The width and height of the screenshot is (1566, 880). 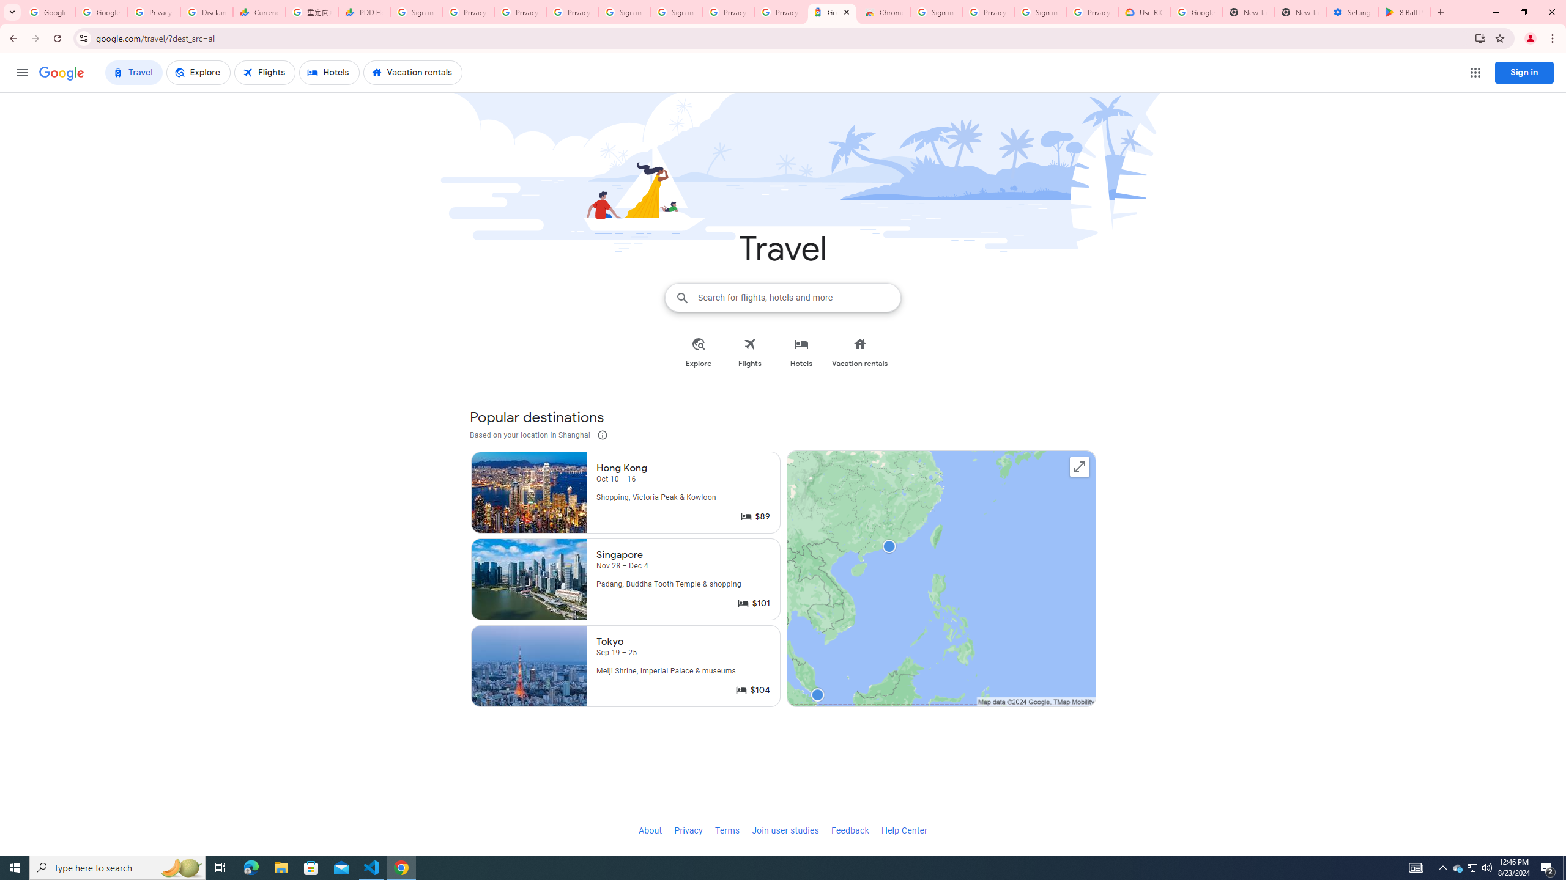 What do you see at coordinates (1404, 12) in the screenshot?
I see `'8 Ball Pool - Apps on Google Play'` at bounding box center [1404, 12].